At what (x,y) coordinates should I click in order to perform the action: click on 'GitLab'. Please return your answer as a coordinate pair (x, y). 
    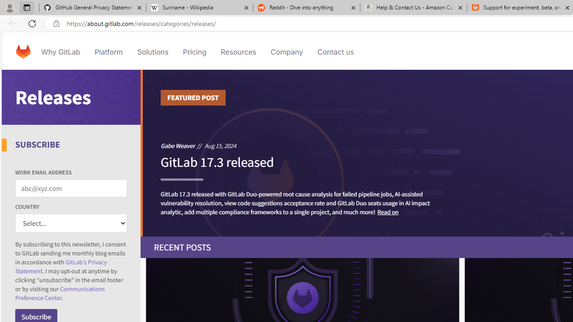
    Looking at the image, I should click on (60, 266).